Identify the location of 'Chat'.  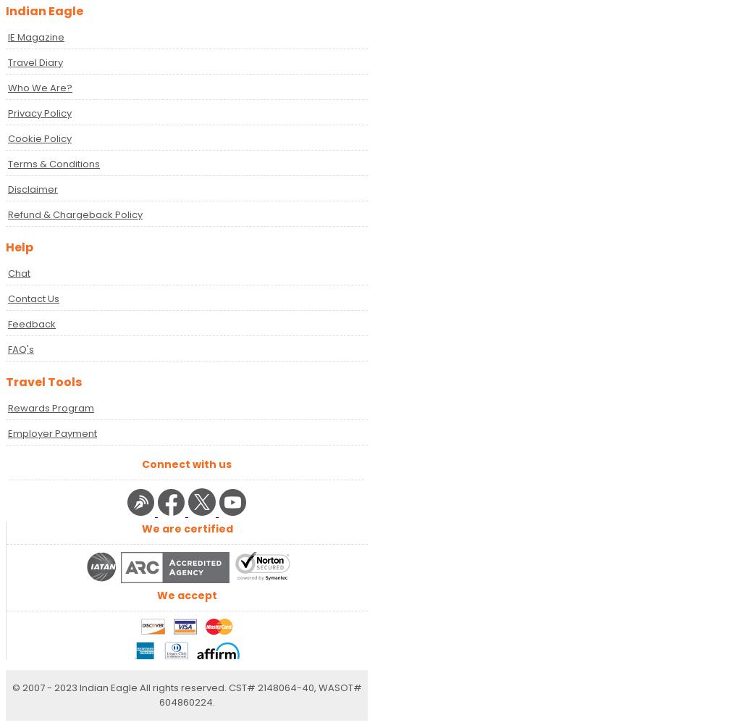
(7, 272).